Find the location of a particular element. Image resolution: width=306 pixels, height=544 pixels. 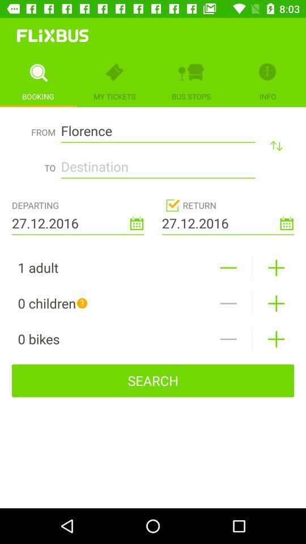

an adult passenger is located at coordinates (275, 267).